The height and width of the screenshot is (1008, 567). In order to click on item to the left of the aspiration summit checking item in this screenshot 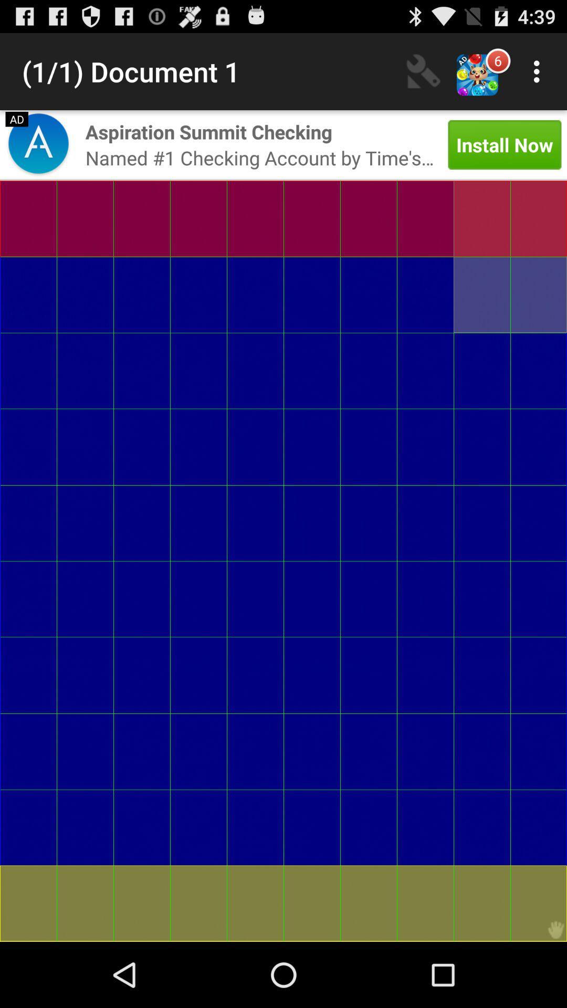, I will do `click(38, 144)`.